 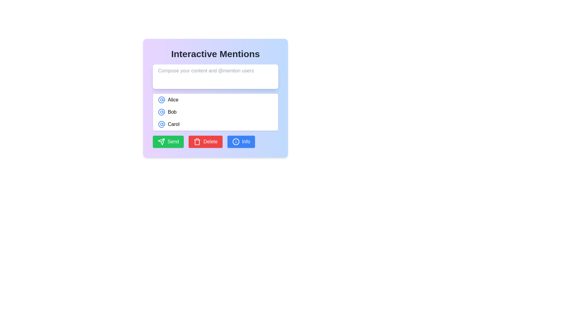 I want to click on the triangular icon resembling a paper plane with a green background and white skeletal outline, located on the left side of the 'Send' button at the bottom of a card with a purple and white theme, so click(x=161, y=141).